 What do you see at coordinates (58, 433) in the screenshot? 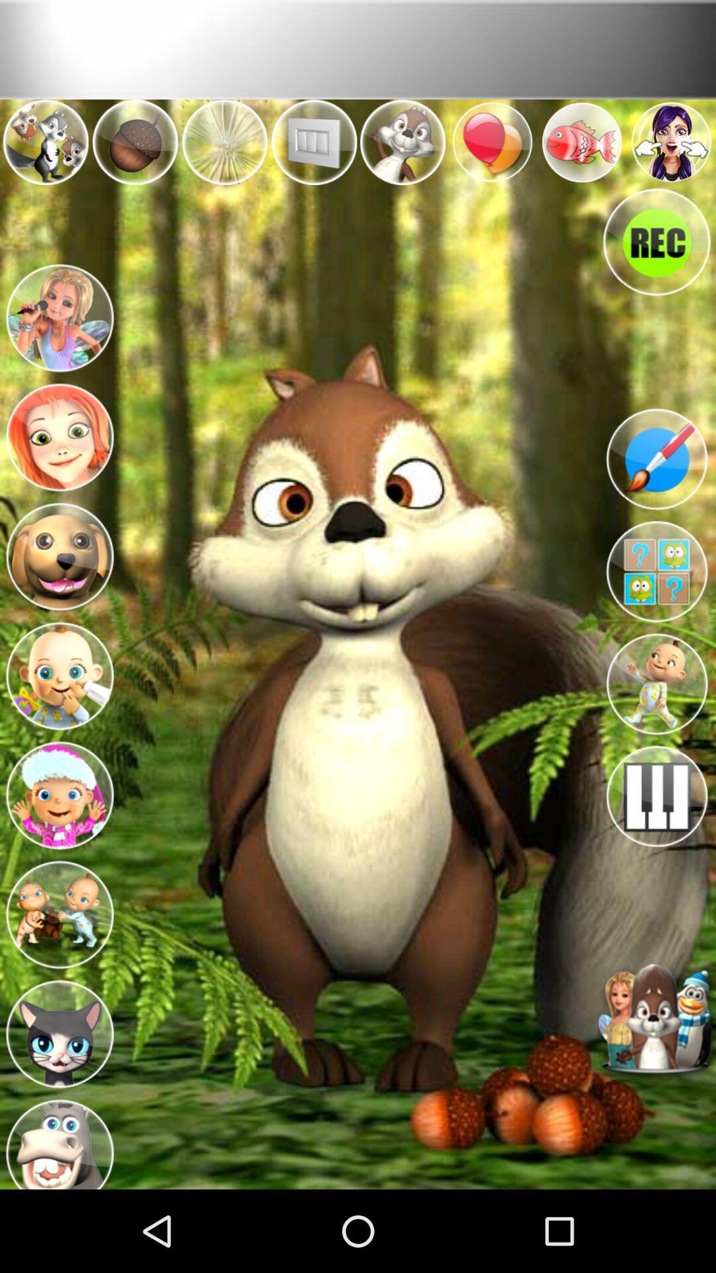
I see `character` at bounding box center [58, 433].